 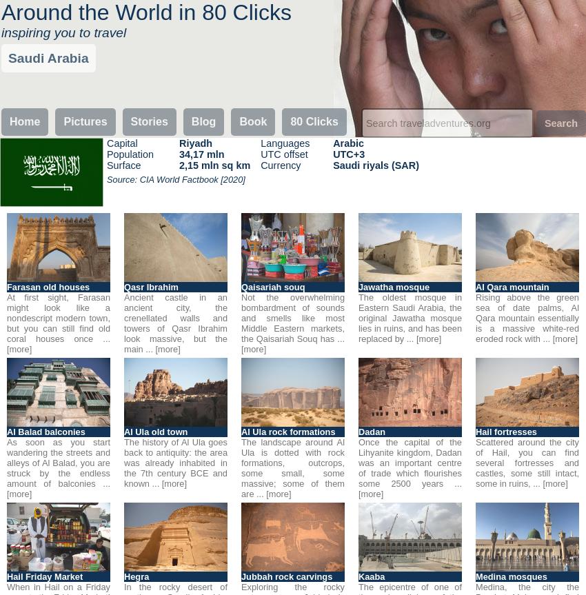 I want to click on 'Ancient castle in an ancient city, the crenellated walls and towers of Qasr Ibrahim look massive, but the main  ... [more]', so click(x=176, y=323).